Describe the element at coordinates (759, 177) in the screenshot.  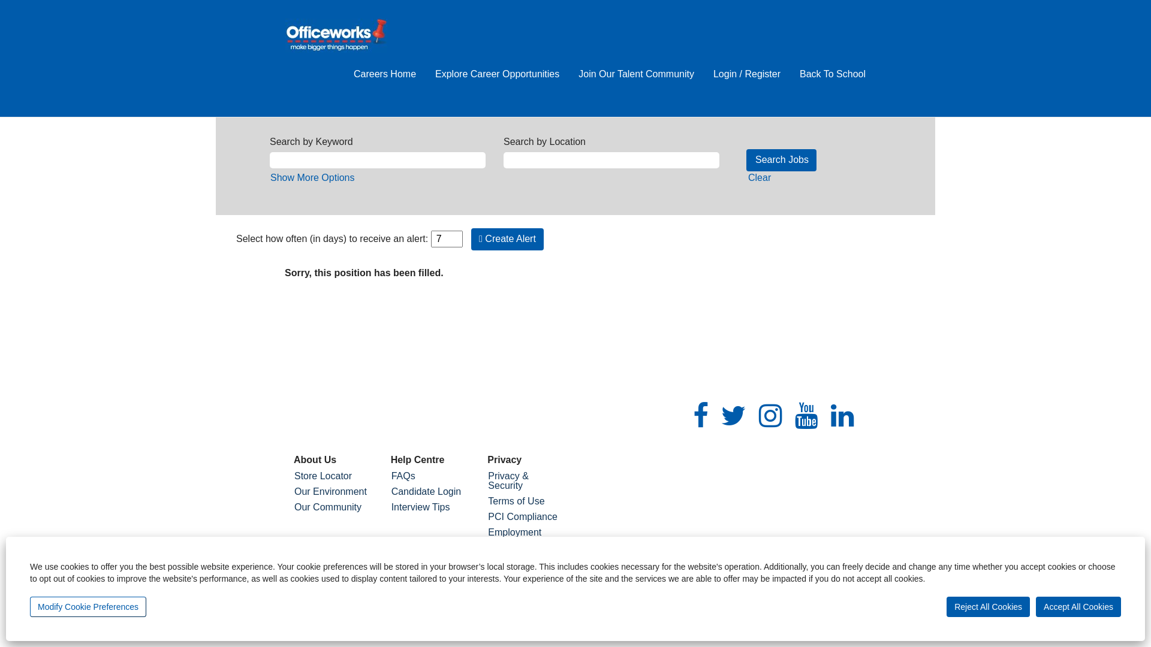
I see `'Clear'` at that location.